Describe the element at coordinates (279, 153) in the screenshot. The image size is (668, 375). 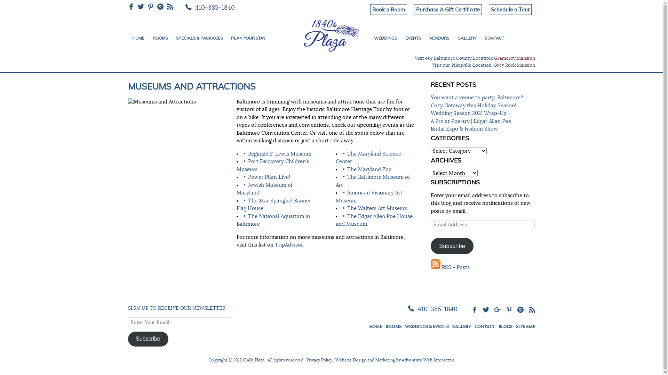
I see `'Reginald F. Lewis Museum'` at that location.